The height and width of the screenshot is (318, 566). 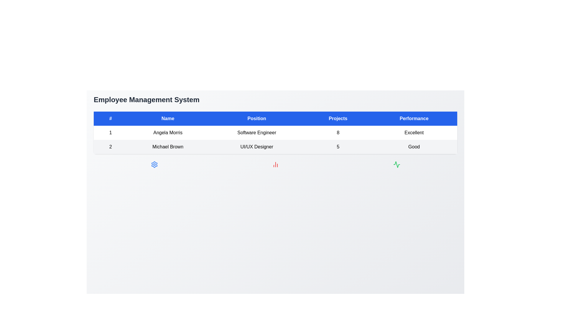 What do you see at coordinates (147, 100) in the screenshot?
I see `title element 'Employee Management System' which is displayed prominently in large, bold font at the top of the interface` at bounding box center [147, 100].